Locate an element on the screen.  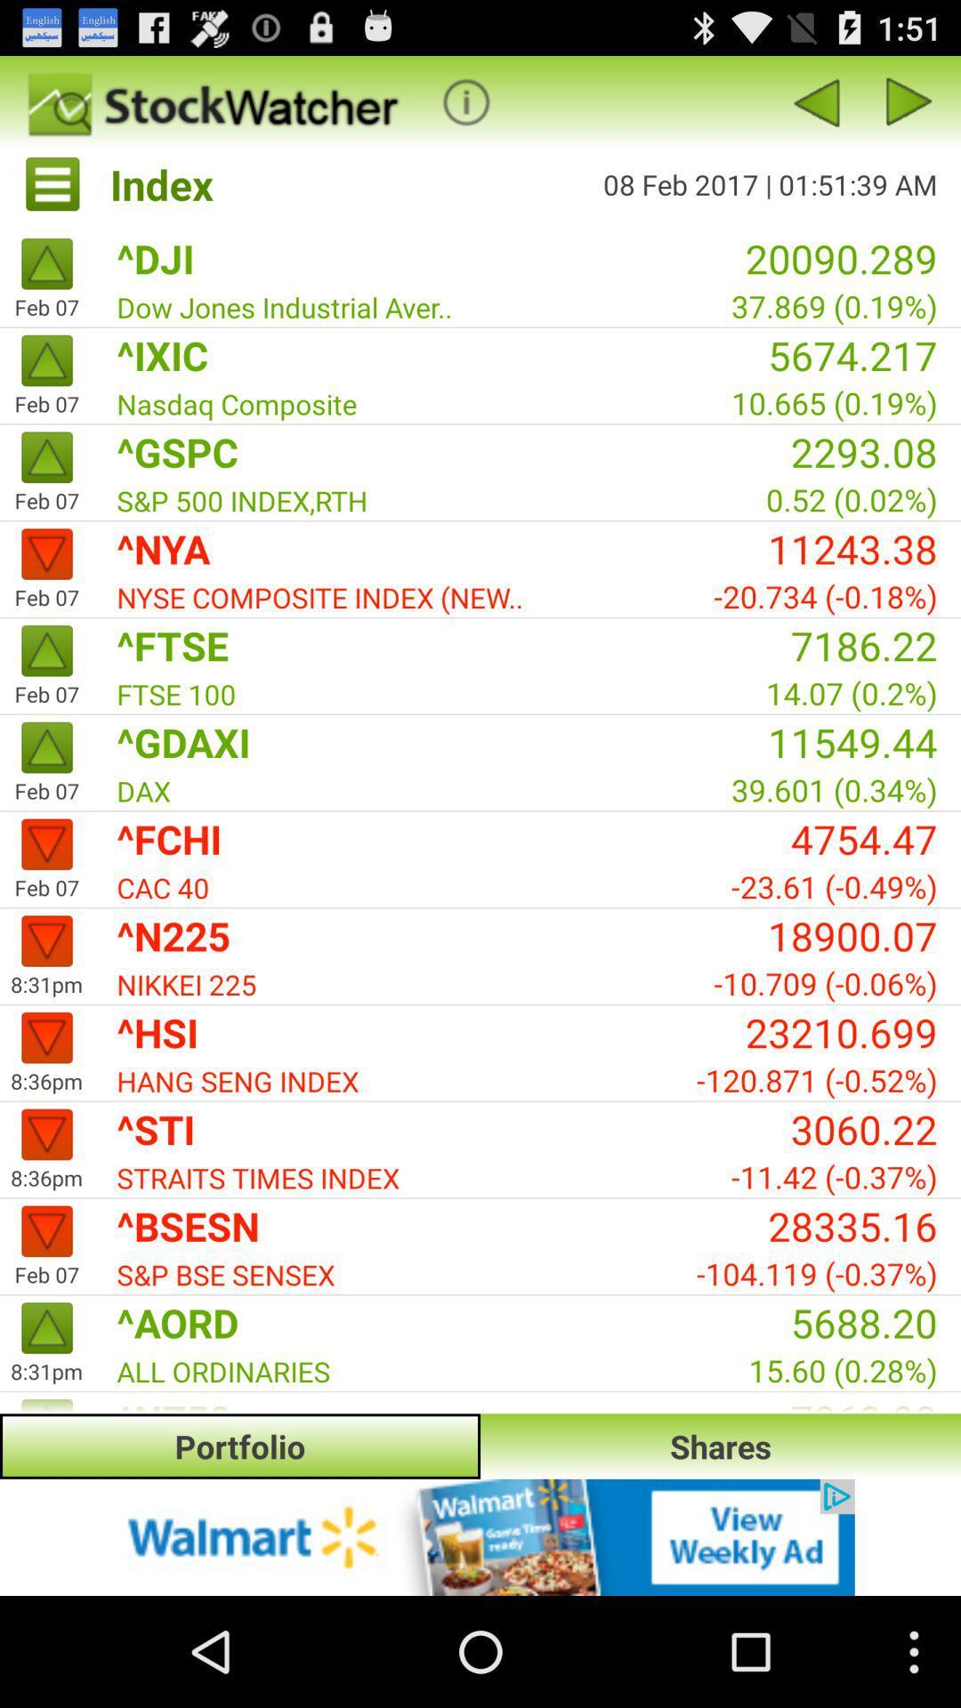
go back is located at coordinates (909, 101).